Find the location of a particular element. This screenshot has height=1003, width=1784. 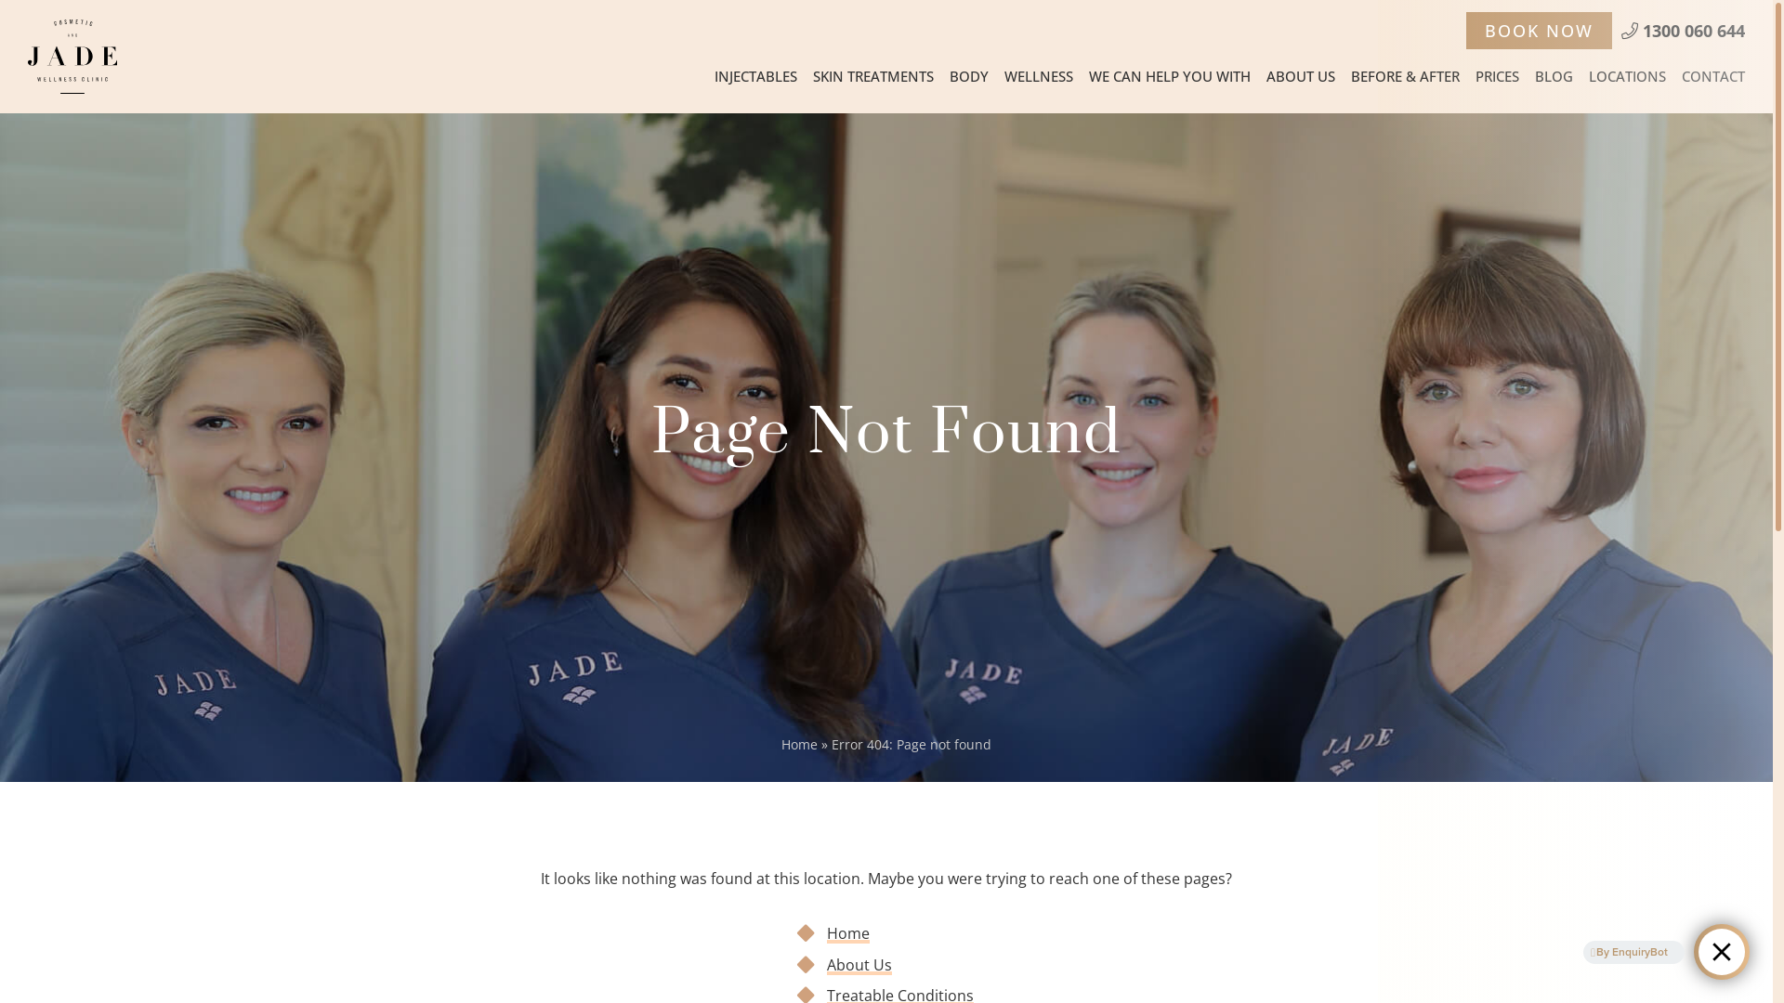

'1300 060 644' is located at coordinates (1683, 31).